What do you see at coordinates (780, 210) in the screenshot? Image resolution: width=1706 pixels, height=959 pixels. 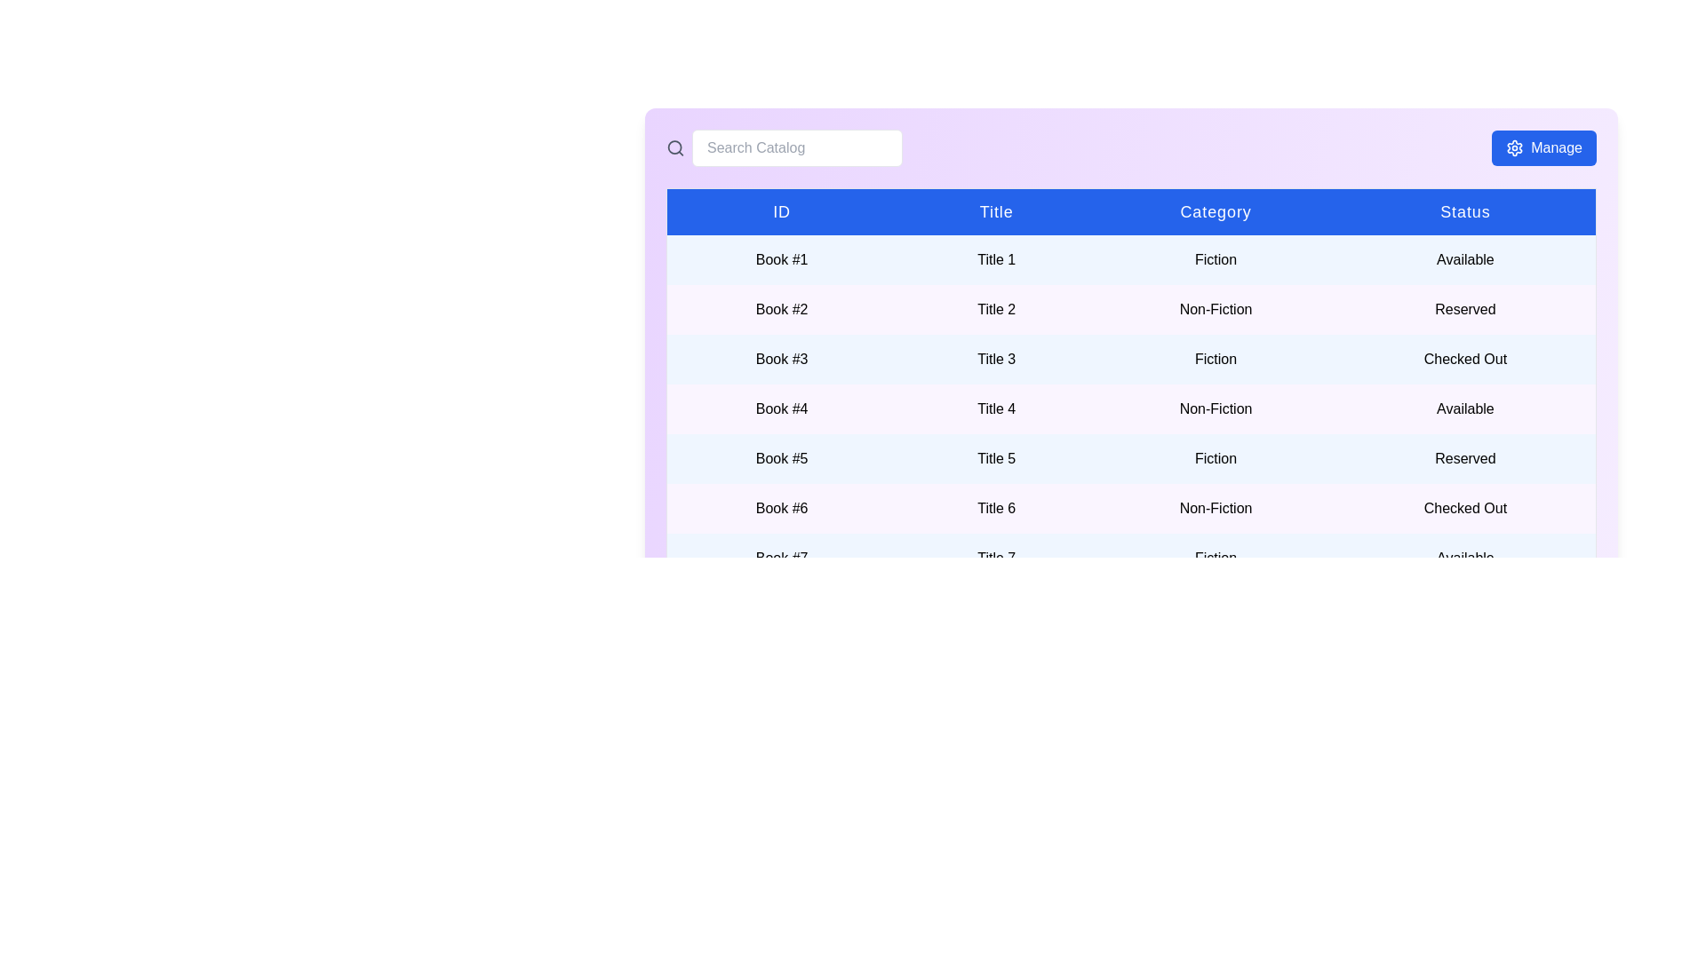 I see `the column header to sort the table by ID` at bounding box center [780, 210].